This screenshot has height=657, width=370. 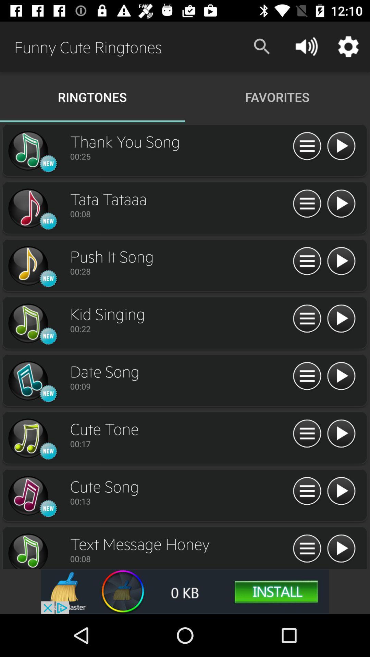 I want to click on song options dropdown list, so click(x=307, y=491).